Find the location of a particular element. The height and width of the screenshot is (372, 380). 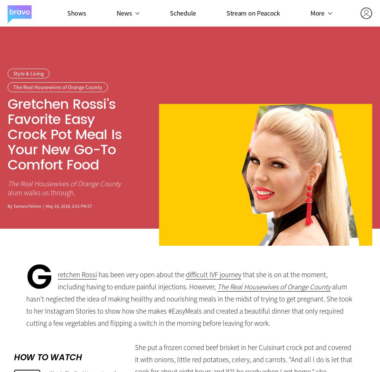

'More' is located at coordinates (317, 12).